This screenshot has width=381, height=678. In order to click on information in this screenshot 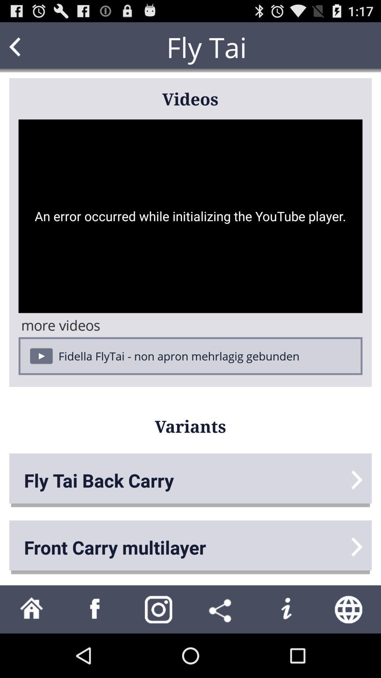, I will do `click(286, 609)`.